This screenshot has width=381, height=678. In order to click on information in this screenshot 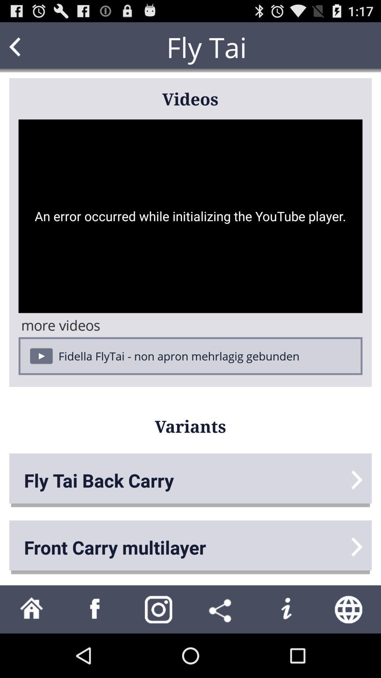, I will do `click(286, 609)`.